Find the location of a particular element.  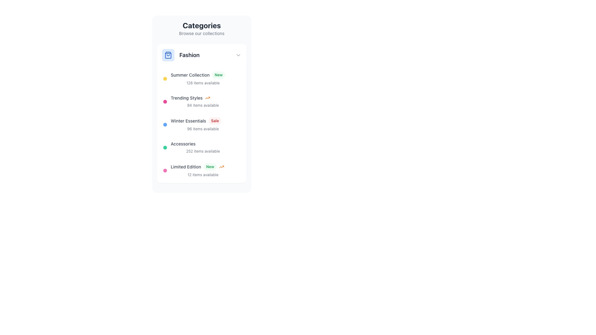

the fourth List Item labeled 'Accessories' is located at coordinates (201, 147).